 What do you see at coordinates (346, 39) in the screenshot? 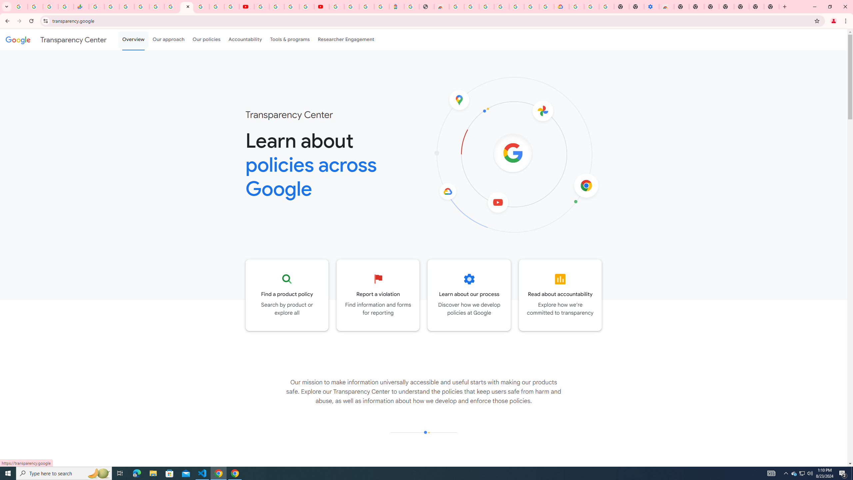
I see `'Researcher Engagement'` at bounding box center [346, 39].